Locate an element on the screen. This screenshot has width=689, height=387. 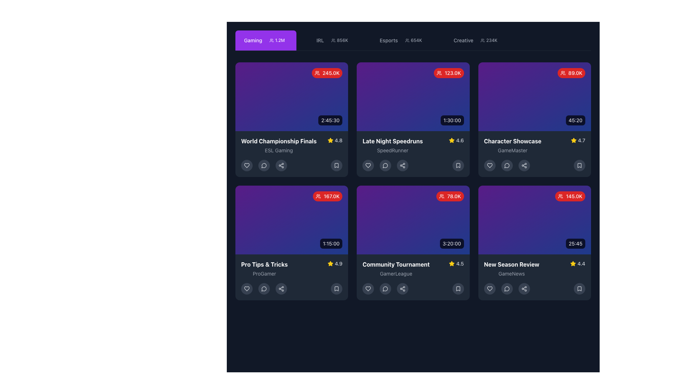
text label displaying '89.0K' located in the top-right corner of the 'Character Showcase' card, which has a red background and is styled with a medium font weight is located at coordinates (575, 73).